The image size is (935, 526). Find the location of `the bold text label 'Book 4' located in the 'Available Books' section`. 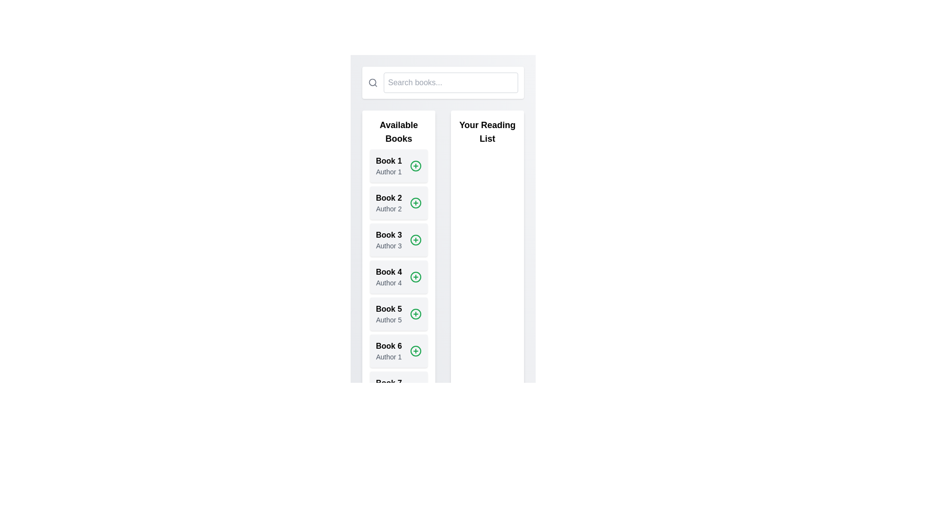

the bold text label 'Book 4' located in the 'Available Books' section is located at coordinates (388, 272).